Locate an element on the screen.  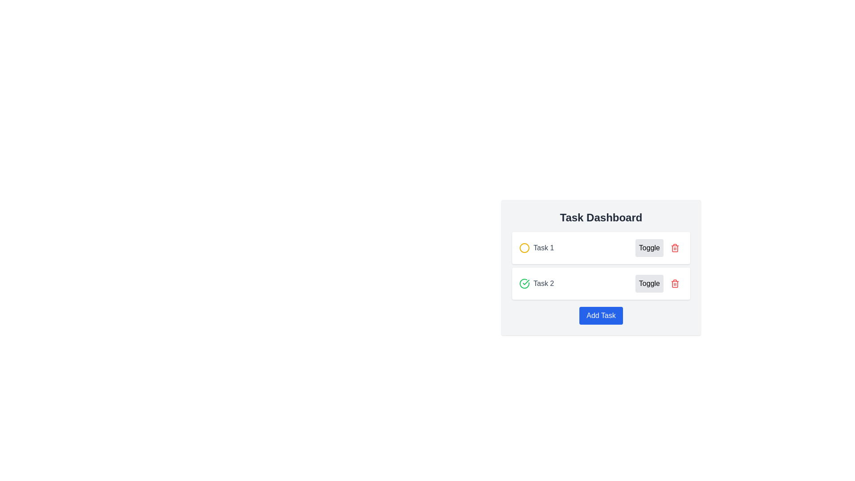
text label that displays 'Task 1', which is styled with a gray font color and positioned right next to a yellow circular icon indicating a pending task status is located at coordinates (543, 248).